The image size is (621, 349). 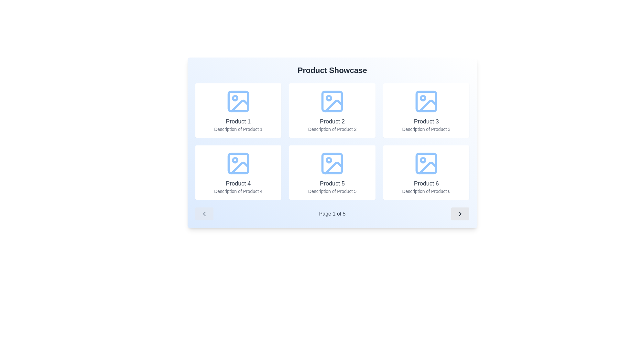 What do you see at coordinates (423, 160) in the screenshot?
I see `the circular indicator located at the bottom right of the 'Product 6' card, which serves as a visual marker for notifications or alerts` at bounding box center [423, 160].